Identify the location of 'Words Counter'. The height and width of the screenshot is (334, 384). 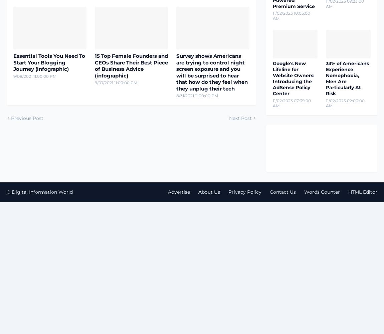
(322, 191).